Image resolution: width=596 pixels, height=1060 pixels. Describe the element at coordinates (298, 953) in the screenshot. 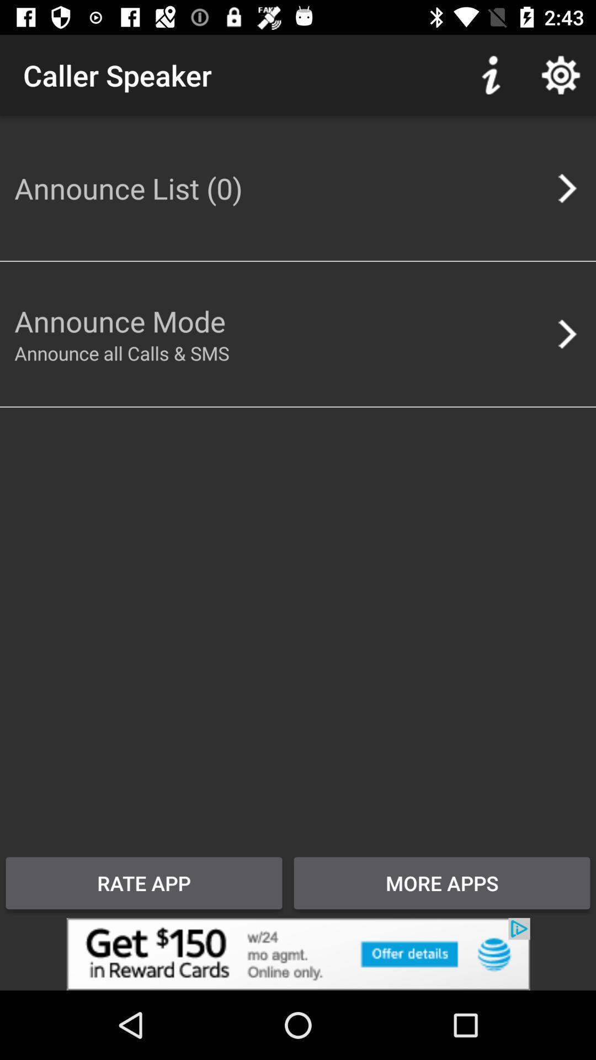

I see `advertisement` at that location.